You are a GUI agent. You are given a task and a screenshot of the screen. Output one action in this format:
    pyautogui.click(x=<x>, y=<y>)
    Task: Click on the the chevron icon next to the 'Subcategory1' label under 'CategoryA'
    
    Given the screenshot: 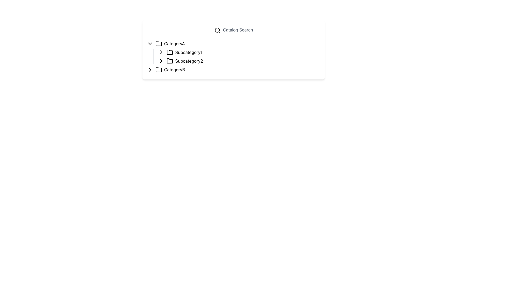 What is the action you would take?
    pyautogui.click(x=161, y=52)
    